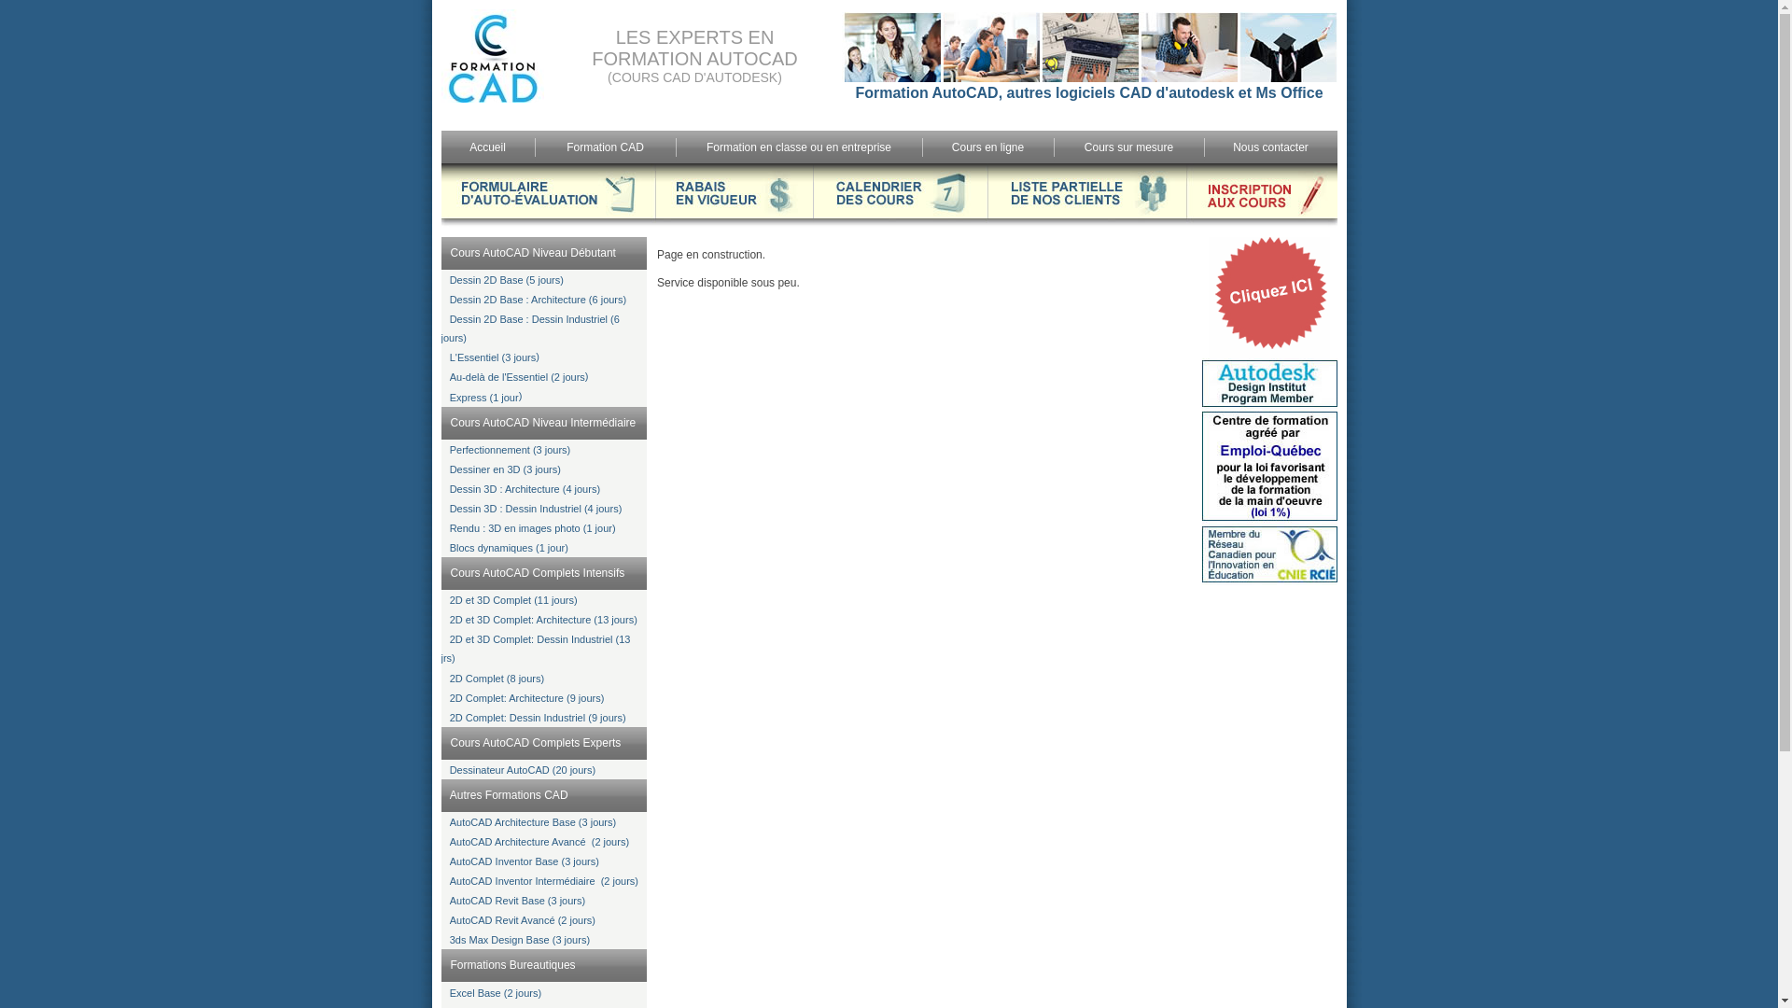 This screenshot has width=1792, height=1008. I want to click on 'Dessiner en 3D (3 jours)', so click(505, 468).